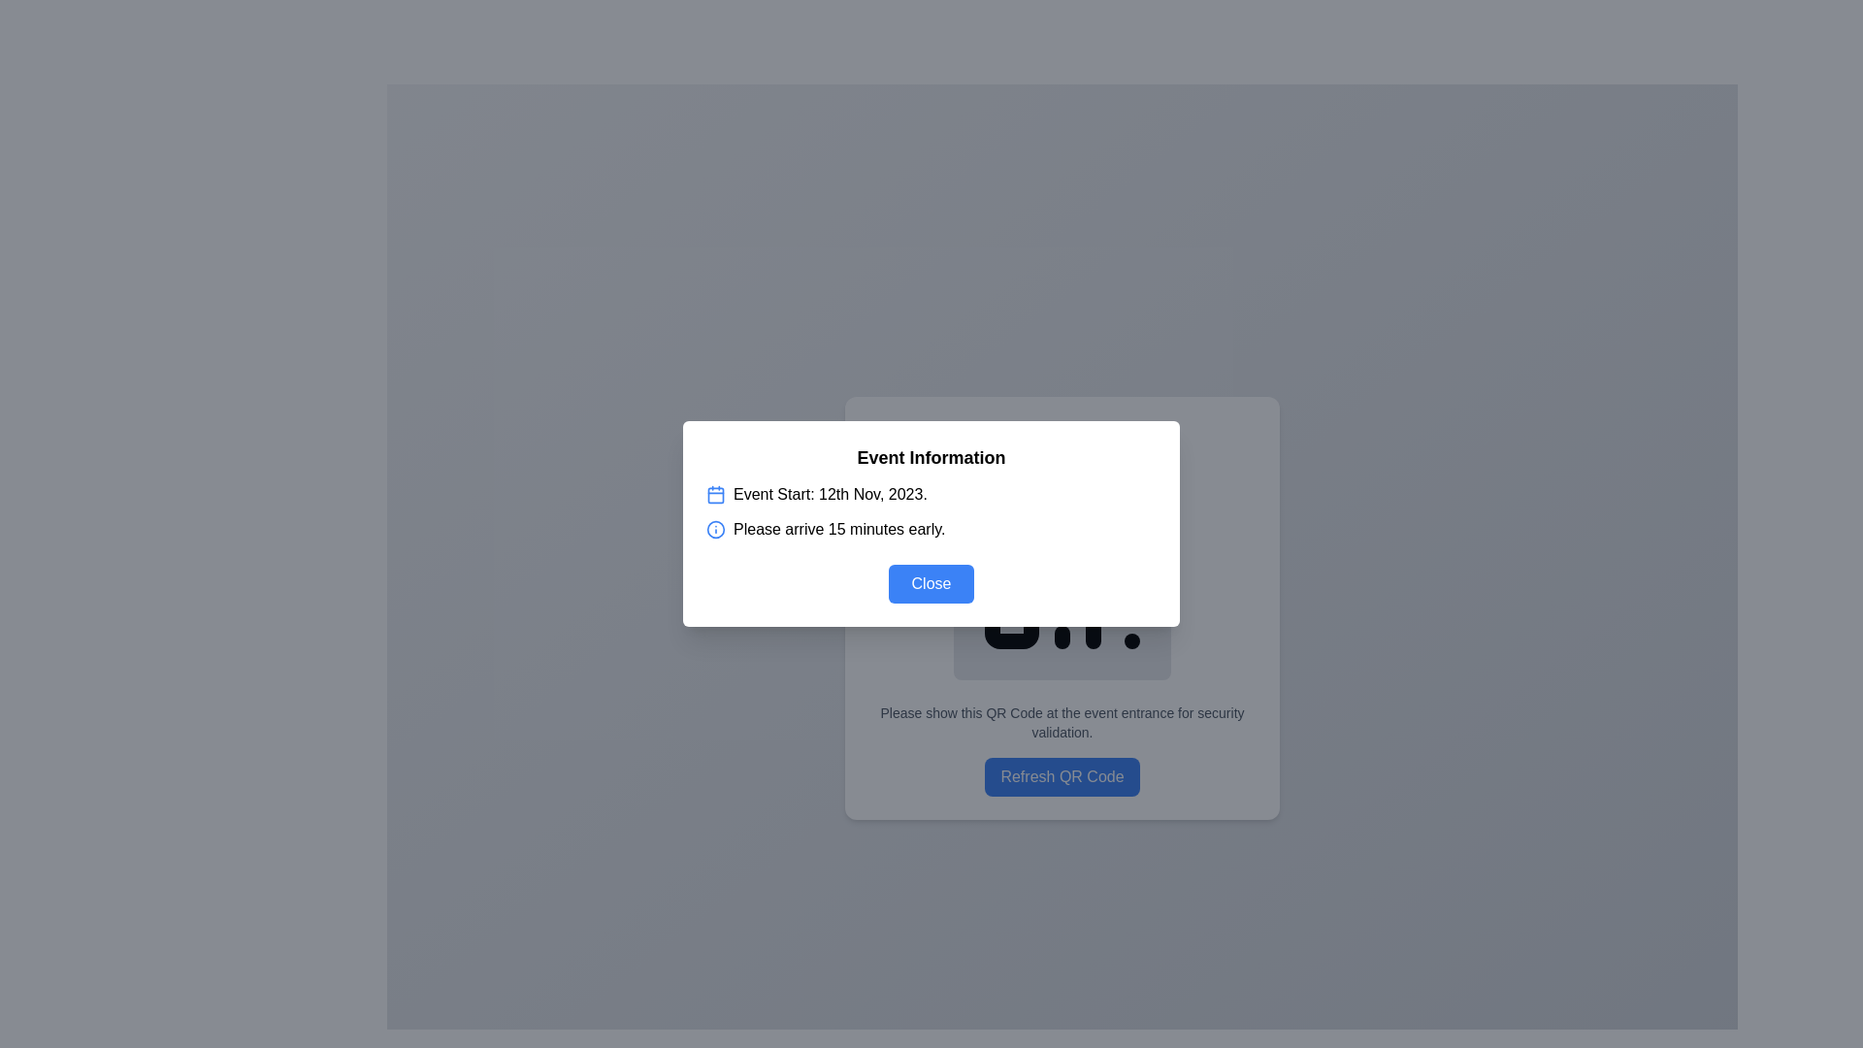 This screenshot has height=1048, width=1863. What do you see at coordinates (830, 493) in the screenshot?
I see `the Text Label element displaying the notification 'Event Start: 12th Nov, 2023.' located below the 'Event Information' heading in the popup dialog` at bounding box center [830, 493].